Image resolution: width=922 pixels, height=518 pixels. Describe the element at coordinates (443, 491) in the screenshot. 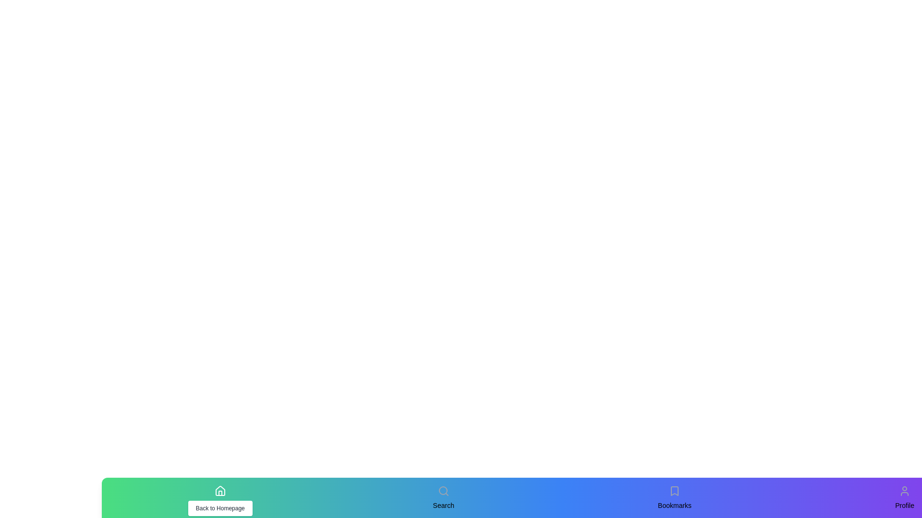

I see `the icon corresponding to Search to test its hover effect` at that location.